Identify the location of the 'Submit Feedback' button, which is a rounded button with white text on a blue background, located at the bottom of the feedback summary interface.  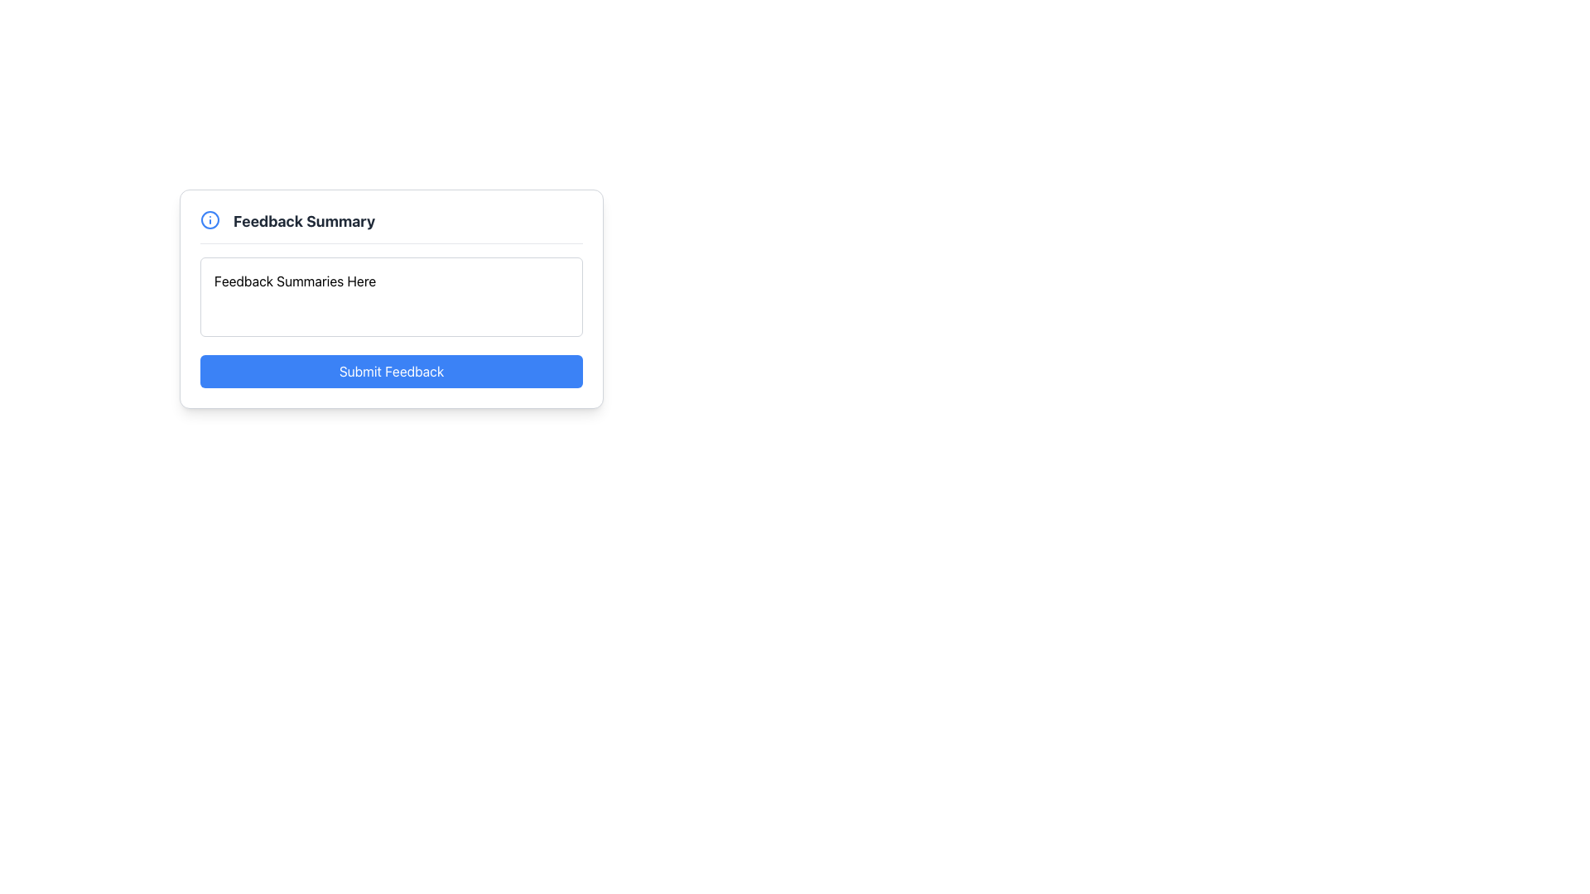
(391, 370).